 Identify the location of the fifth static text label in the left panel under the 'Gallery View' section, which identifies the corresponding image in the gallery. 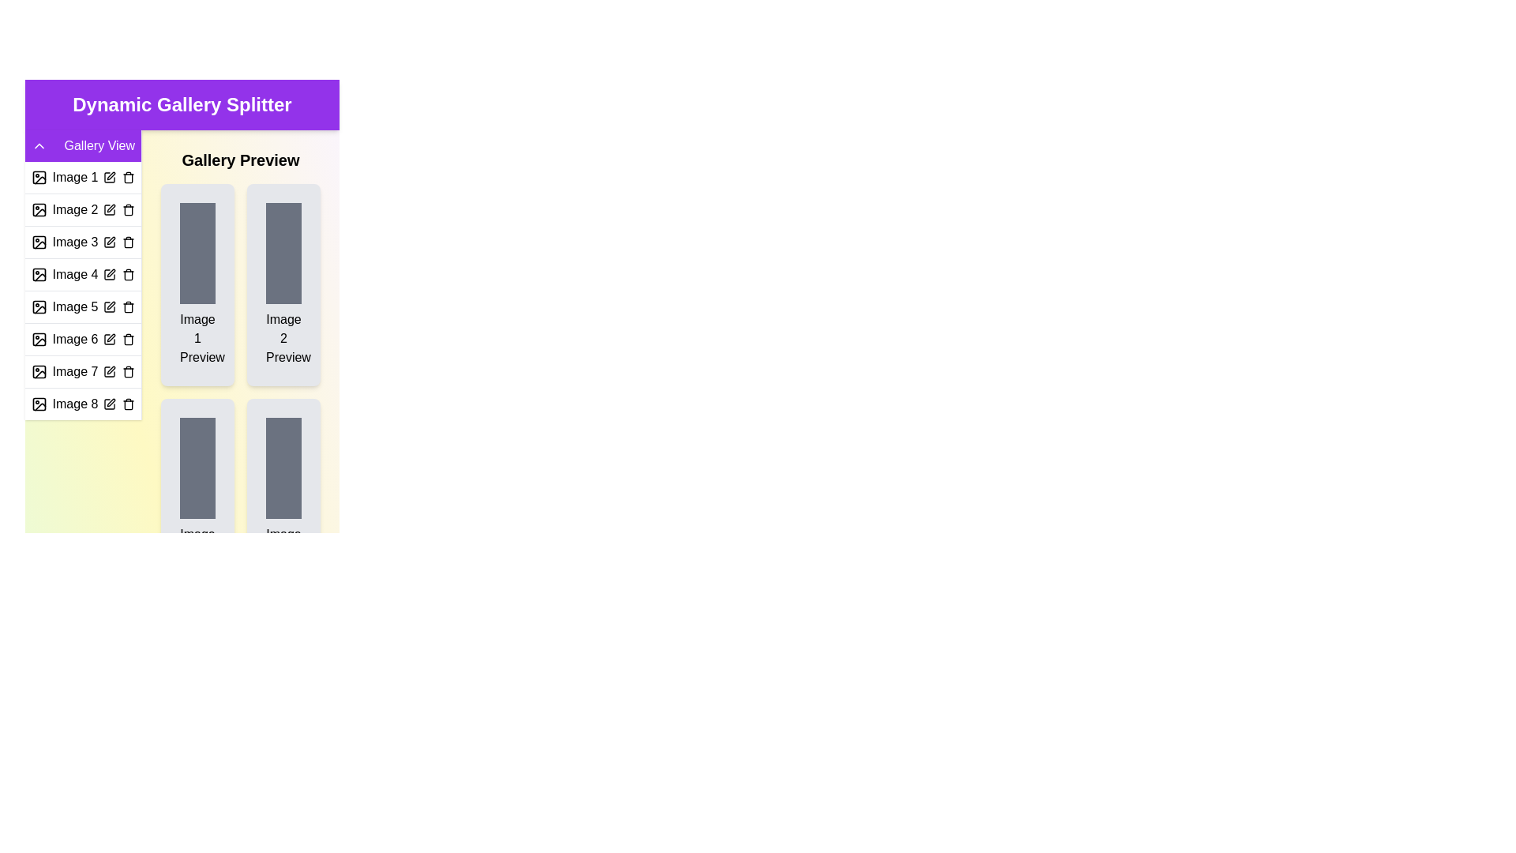
(74, 307).